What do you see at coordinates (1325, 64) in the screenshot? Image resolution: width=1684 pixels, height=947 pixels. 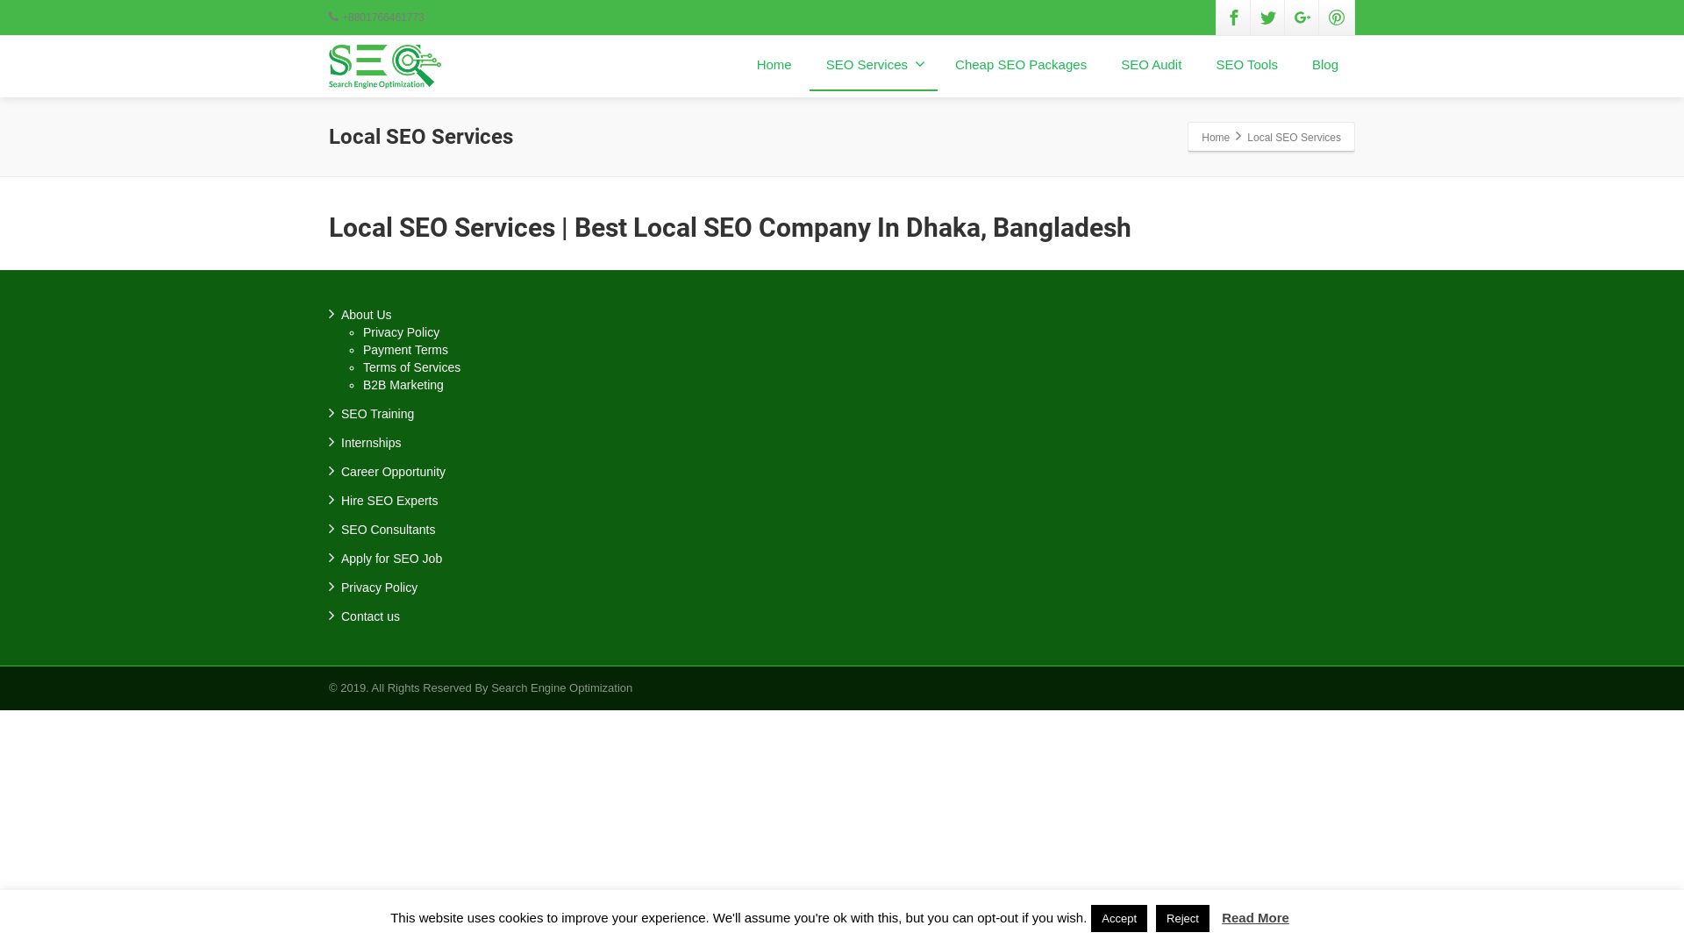 I see `'Blog'` at bounding box center [1325, 64].